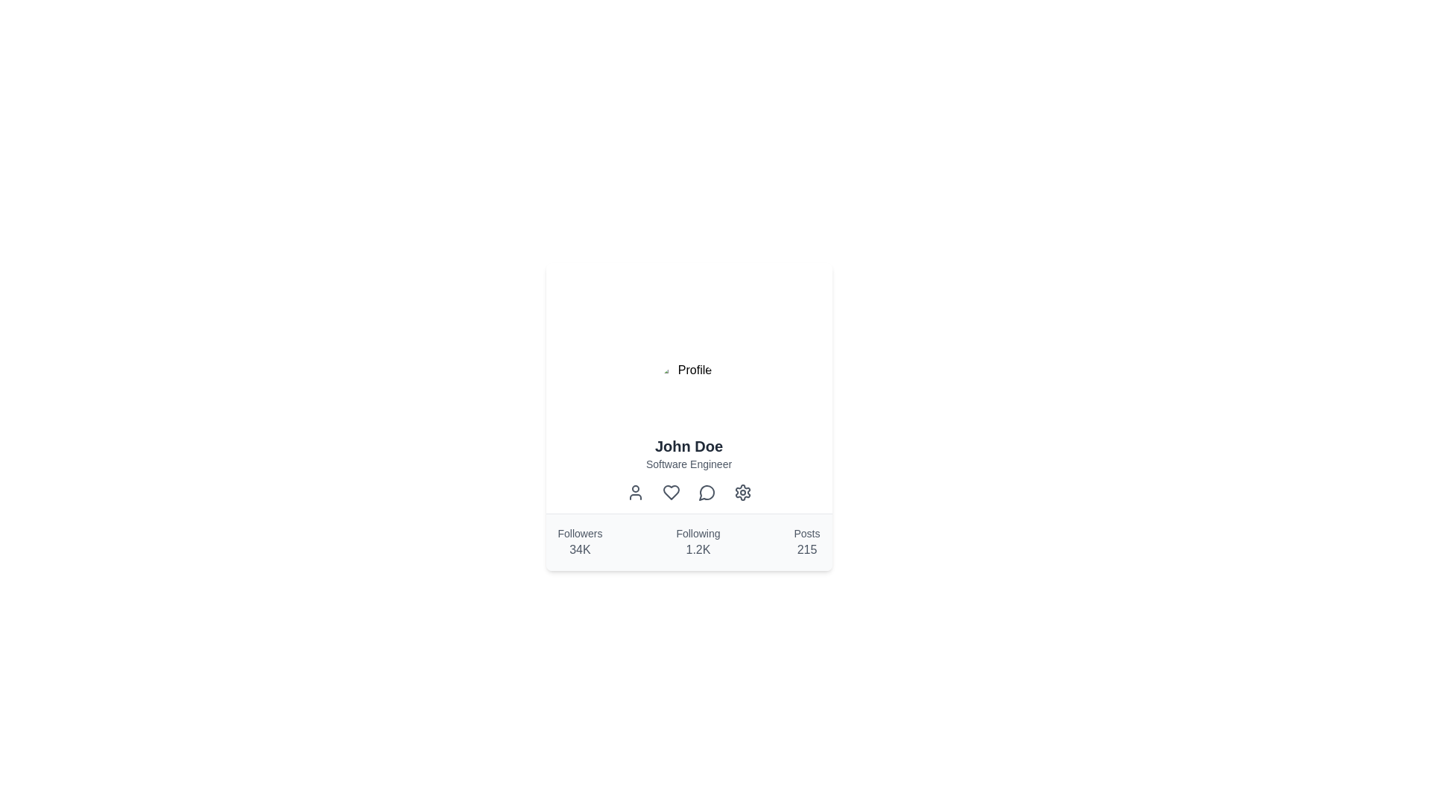 This screenshot has width=1431, height=805. What do you see at coordinates (806, 549) in the screenshot?
I see `the text displaying the number '215', which is bold and located underneath the label 'Posts' in the lower right corner of the interface` at bounding box center [806, 549].